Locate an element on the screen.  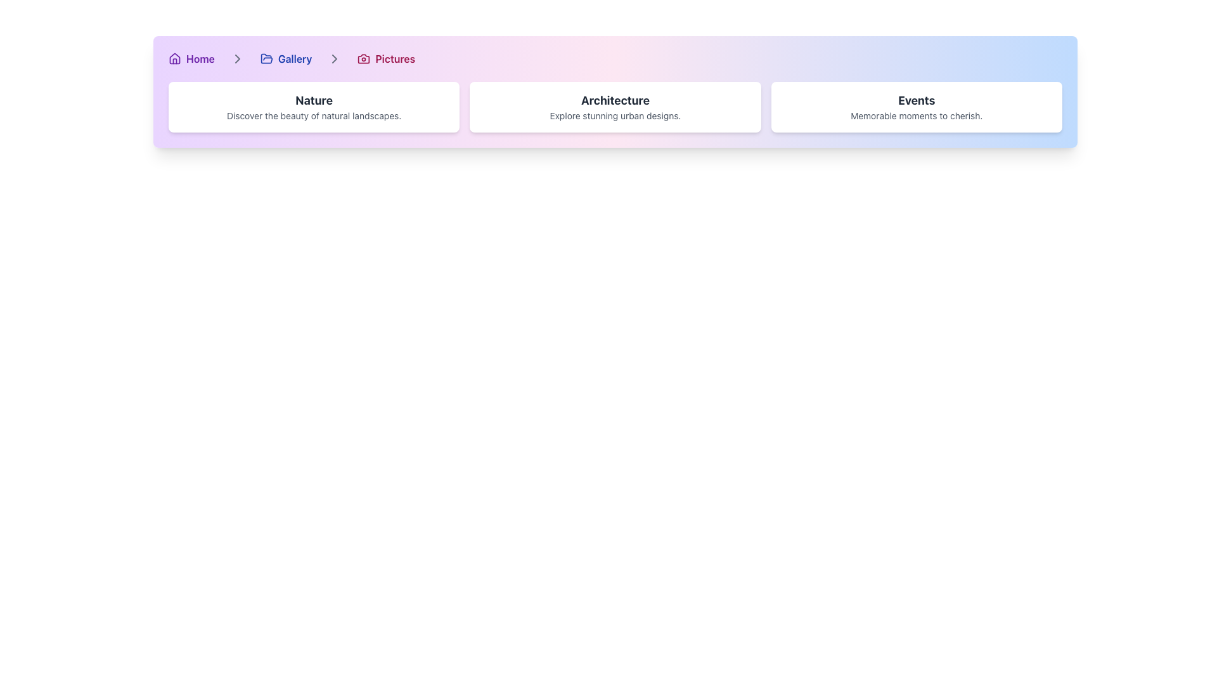
the 'Home' text label in the breadcrumb navigation bar is located at coordinates (200, 58).